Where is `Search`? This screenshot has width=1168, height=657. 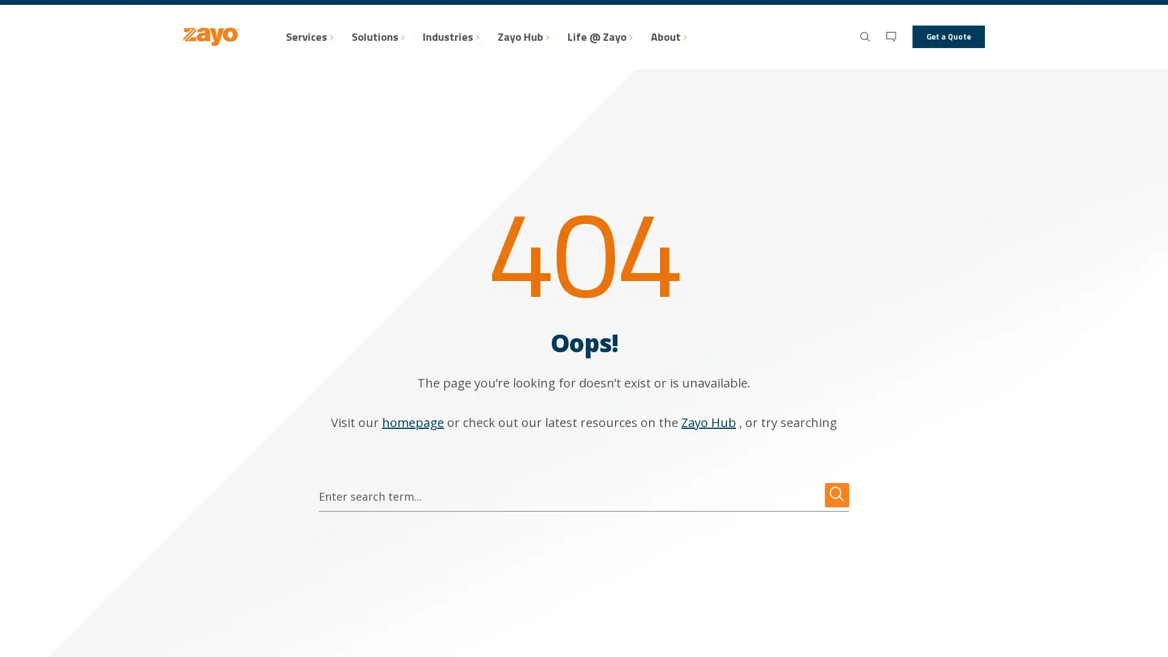 Search is located at coordinates (836, 495).